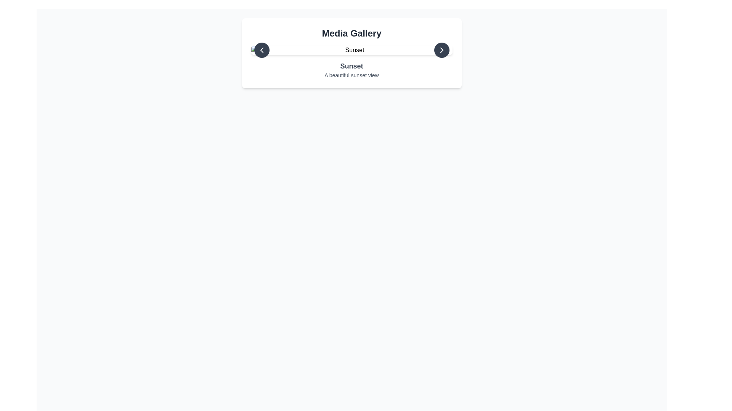 The height and width of the screenshot is (411, 732). Describe the element at coordinates (262, 50) in the screenshot. I see `the left-pointing chevron icon within the circular button in the media gallery navigation bar` at that location.